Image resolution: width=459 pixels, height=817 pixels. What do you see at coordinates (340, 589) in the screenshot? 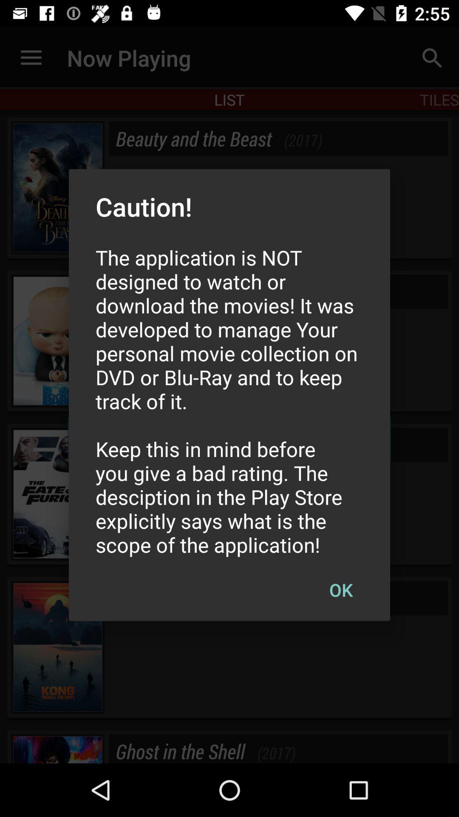
I see `the ok` at bounding box center [340, 589].